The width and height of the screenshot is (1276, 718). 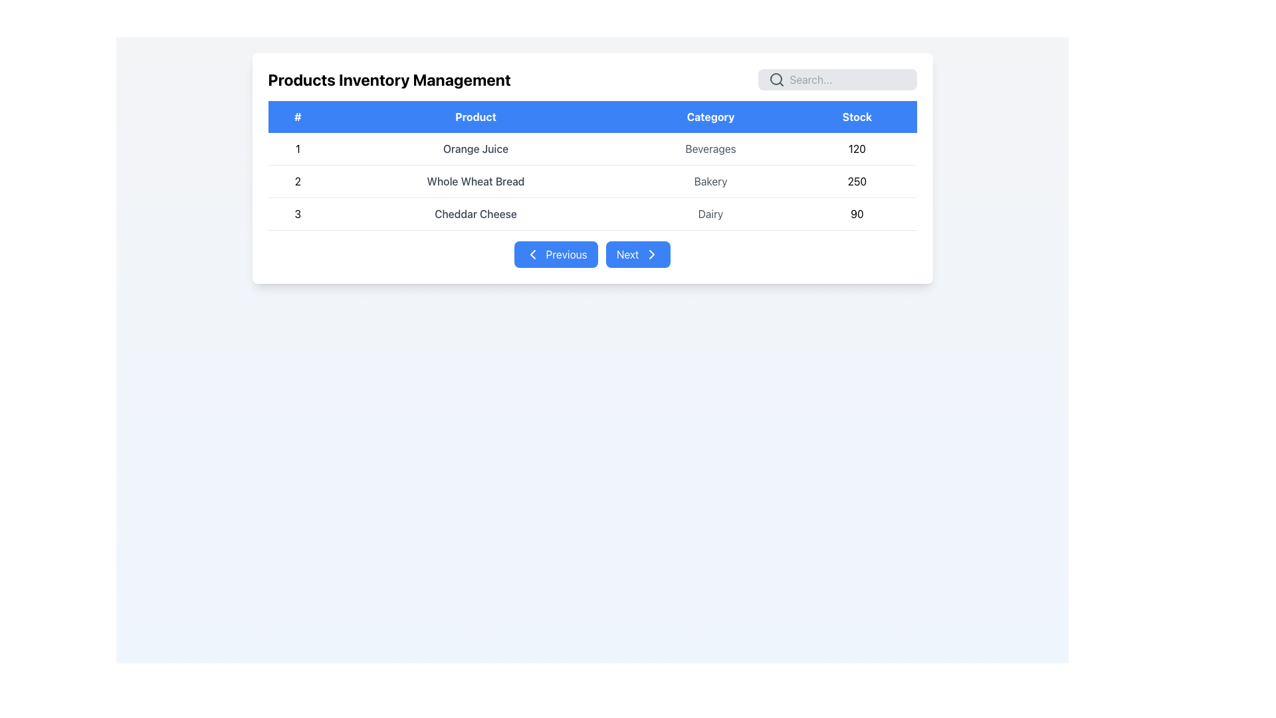 What do you see at coordinates (475, 213) in the screenshot?
I see `the Text Label displaying 'Cheddar Cheese' in the Product column of the table, located in the third row` at bounding box center [475, 213].